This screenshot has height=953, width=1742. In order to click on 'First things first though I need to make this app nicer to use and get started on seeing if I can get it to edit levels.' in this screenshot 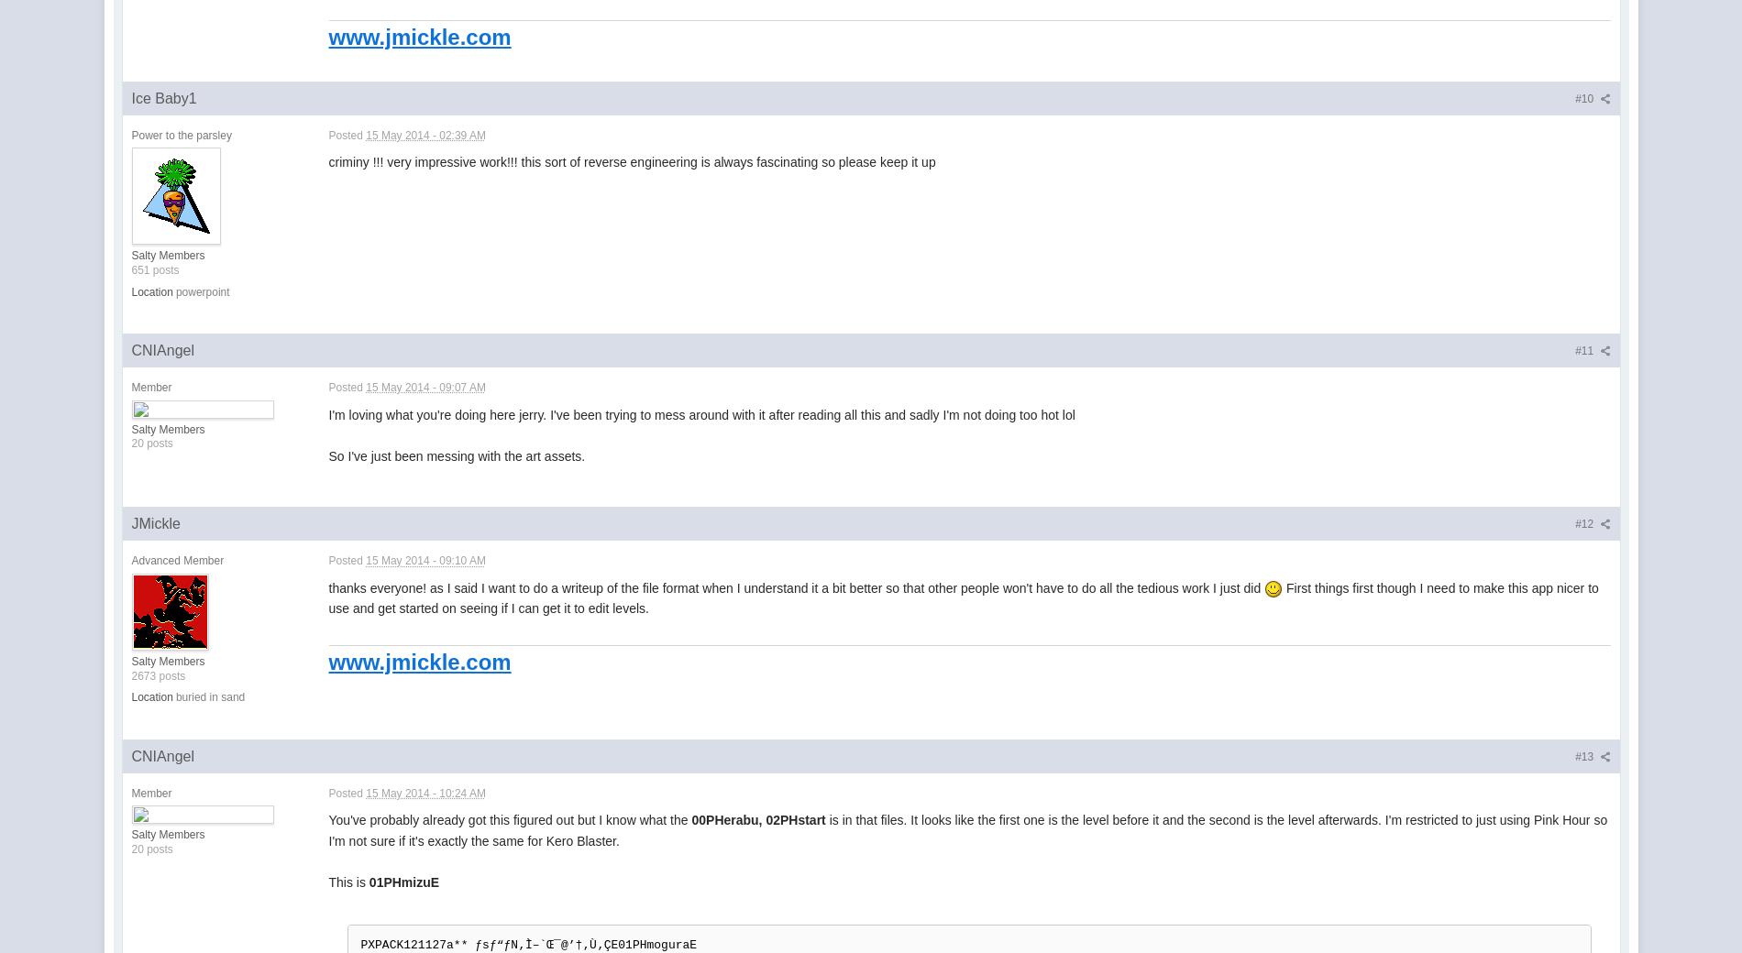, I will do `click(963, 598)`.